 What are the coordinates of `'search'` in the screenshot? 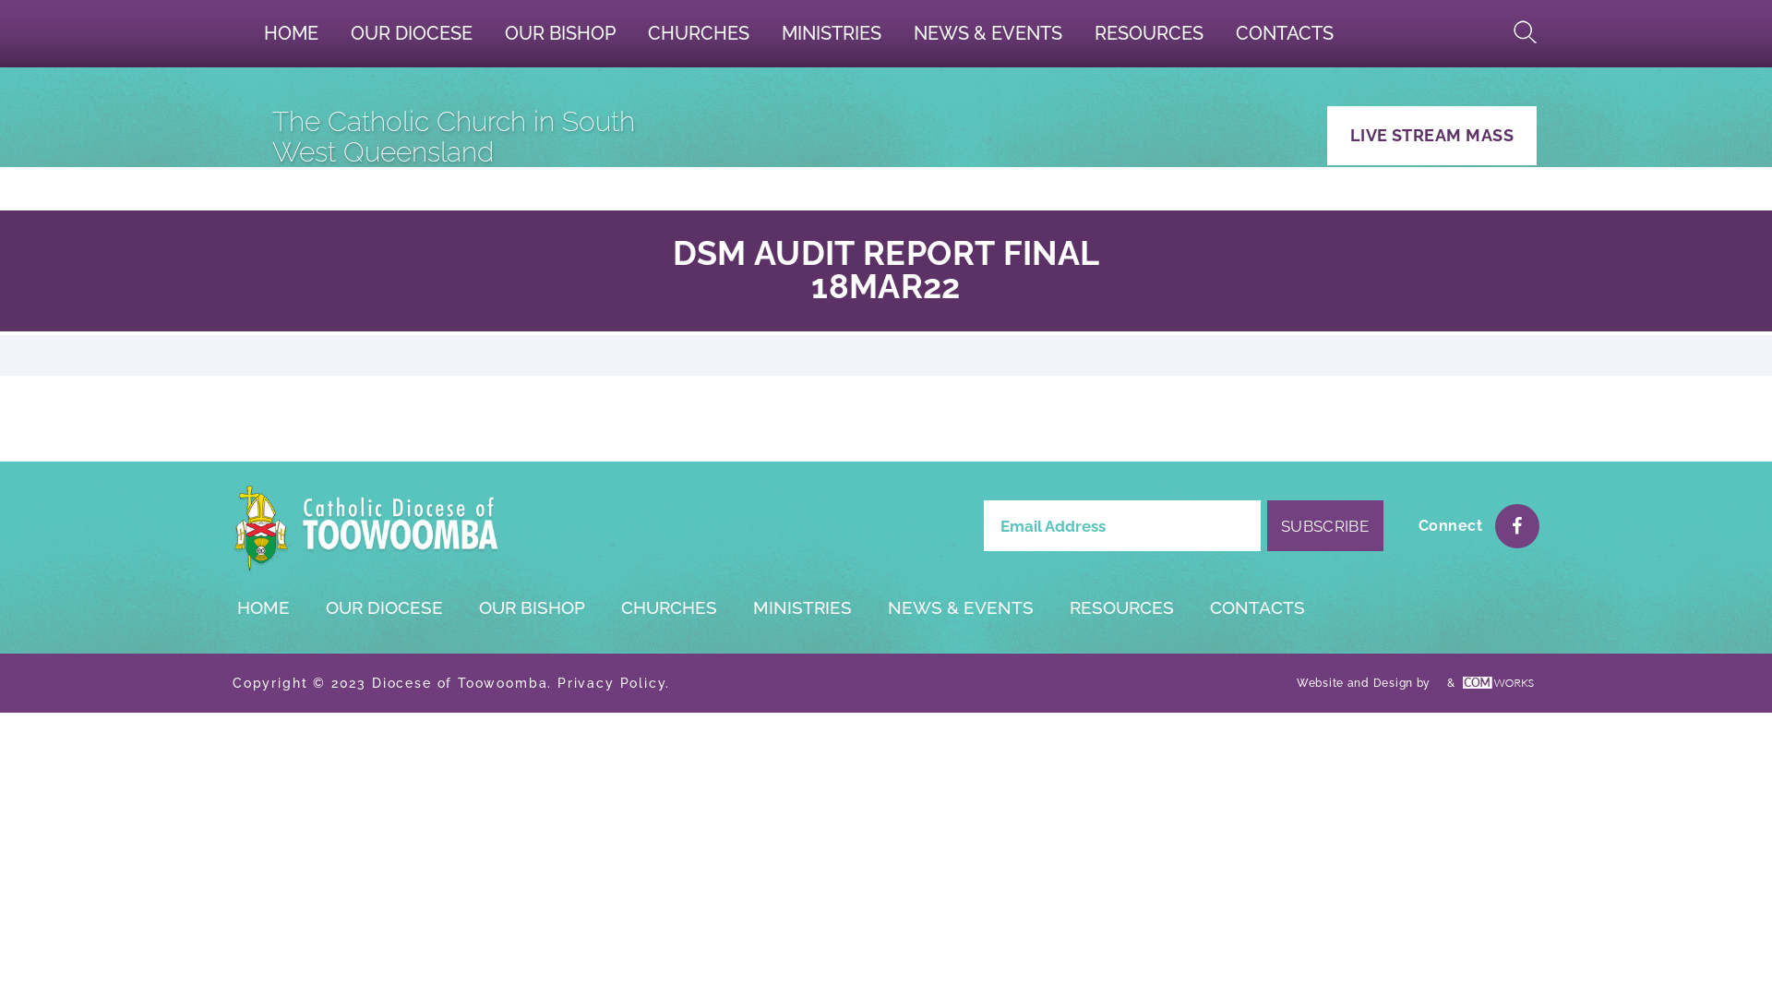 It's located at (1506, 31).